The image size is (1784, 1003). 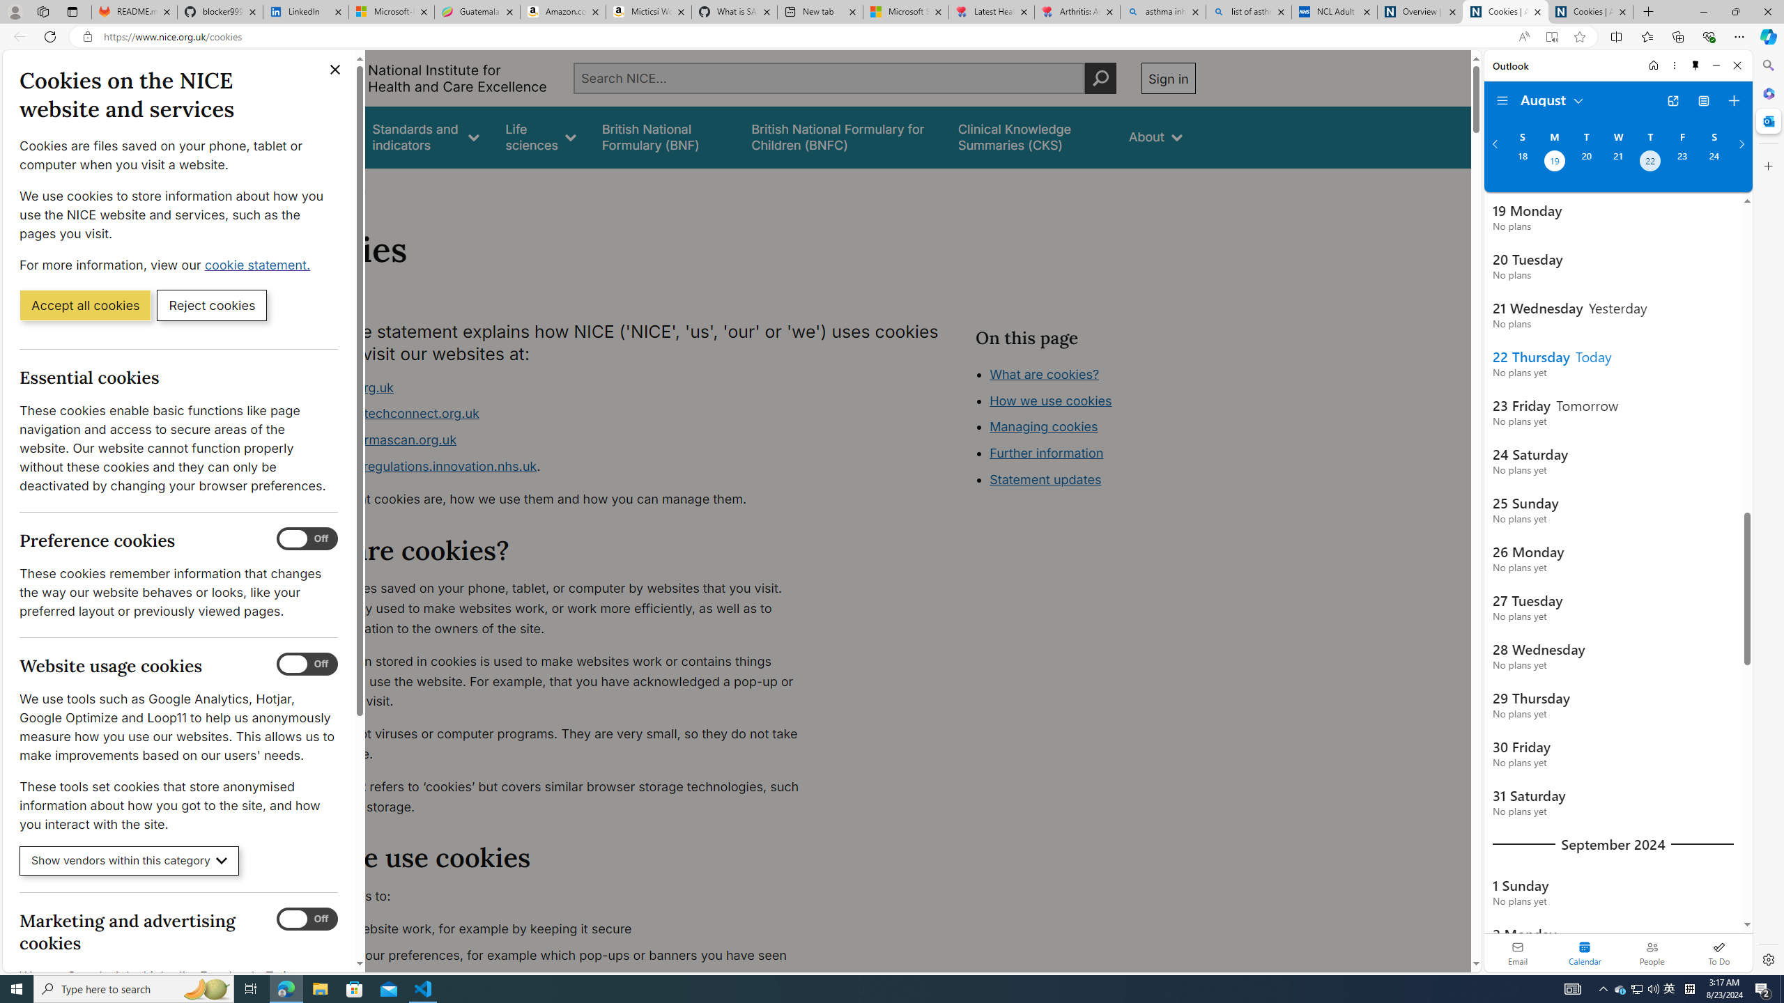 What do you see at coordinates (85, 304) in the screenshot?
I see `'Accept all cookies'` at bounding box center [85, 304].